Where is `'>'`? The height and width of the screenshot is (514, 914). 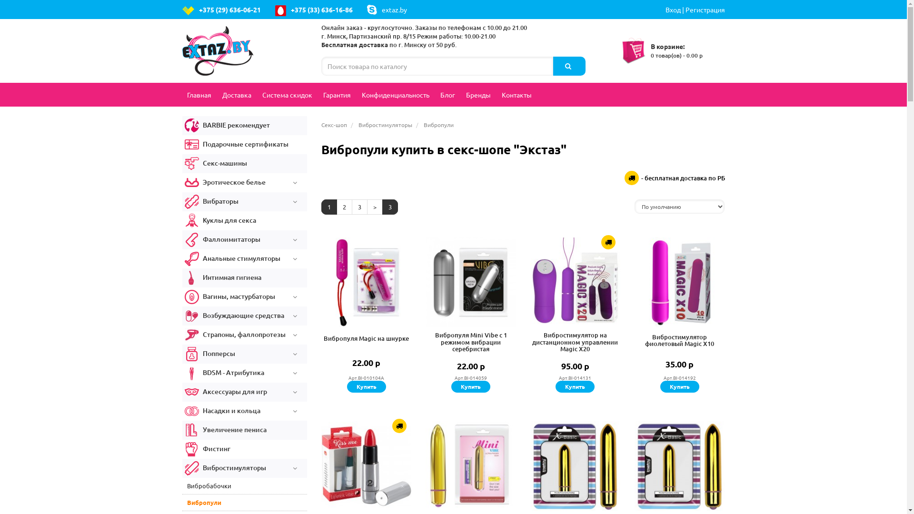
'>' is located at coordinates (374, 207).